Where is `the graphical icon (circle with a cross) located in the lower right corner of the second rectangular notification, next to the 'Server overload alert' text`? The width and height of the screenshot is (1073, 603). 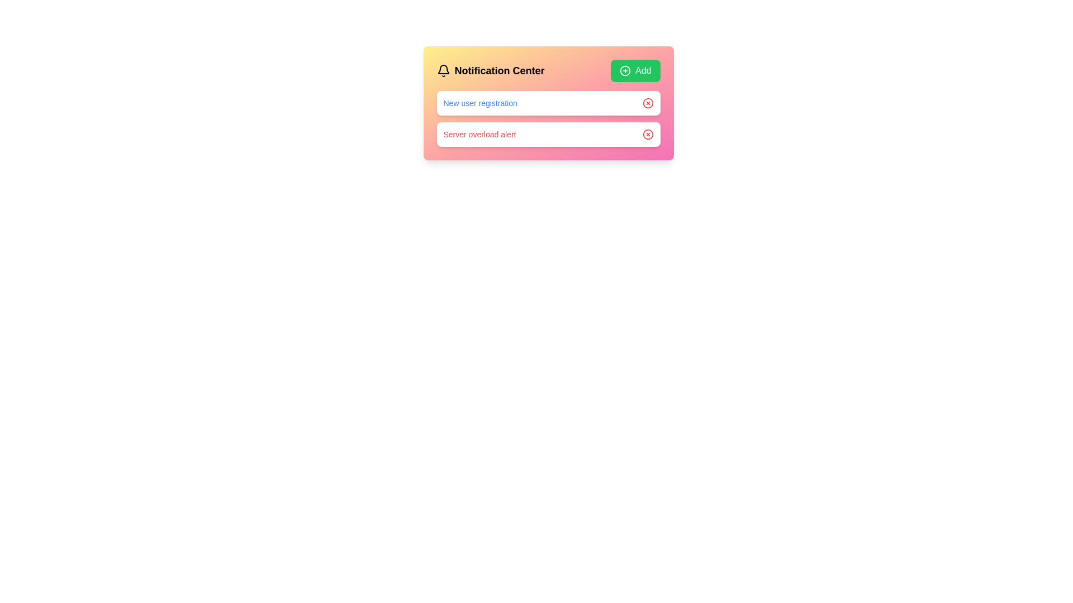 the graphical icon (circle with a cross) located in the lower right corner of the second rectangular notification, next to the 'Server overload alert' text is located at coordinates (648, 133).